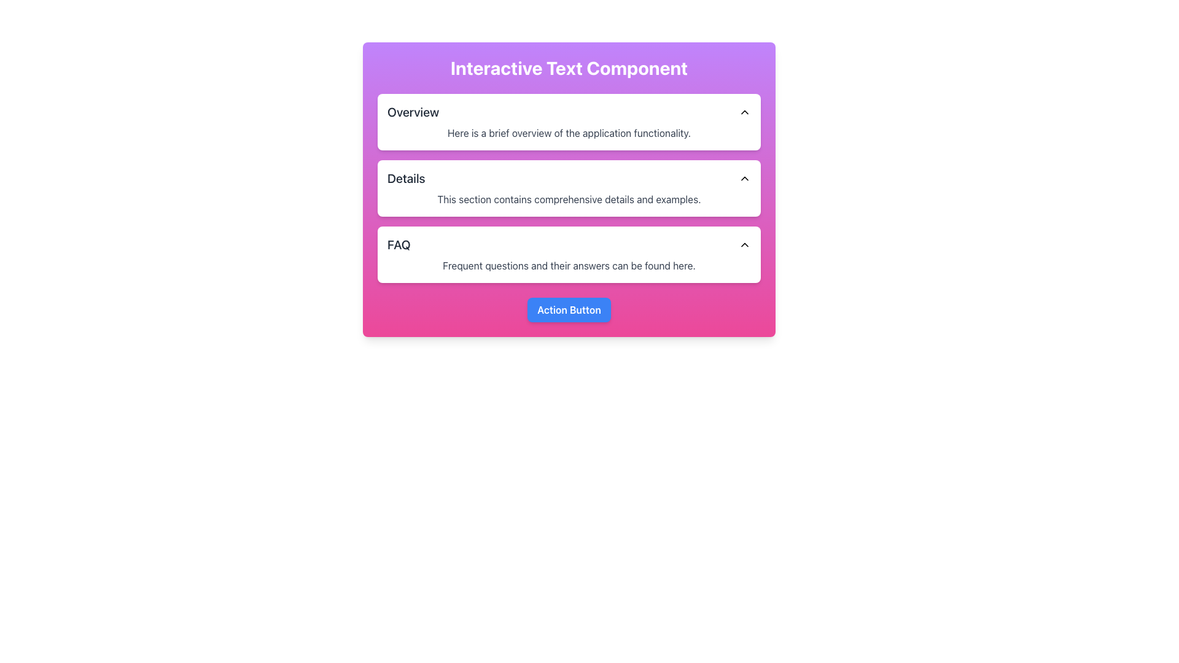  Describe the element at coordinates (568, 198) in the screenshot. I see `the informational Text Label located below the 'Details' title in the second panel of the interface` at that location.